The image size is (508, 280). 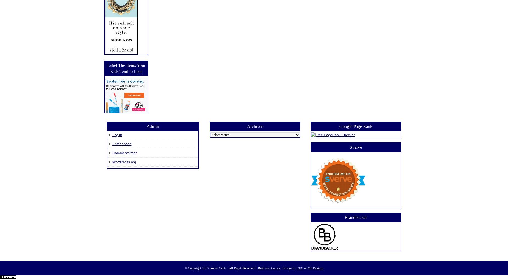 What do you see at coordinates (247, 126) in the screenshot?
I see `'Archives'` at bounding box center [247, 126].